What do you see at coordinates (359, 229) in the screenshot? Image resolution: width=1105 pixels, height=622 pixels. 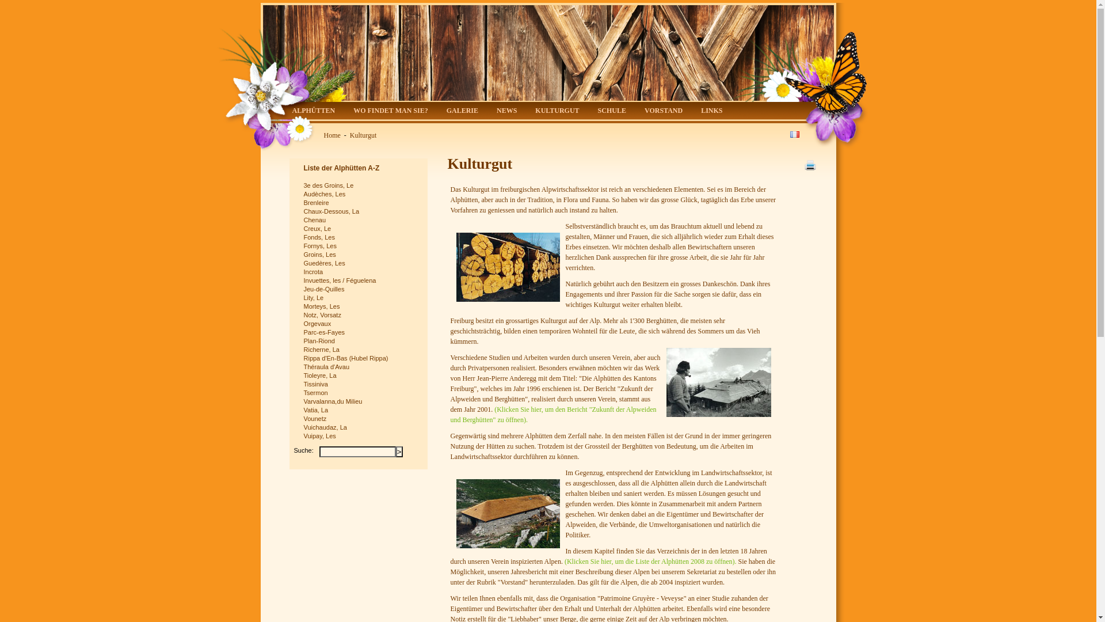 I see `'Creux, Le'` at bounding box center [359, 229].